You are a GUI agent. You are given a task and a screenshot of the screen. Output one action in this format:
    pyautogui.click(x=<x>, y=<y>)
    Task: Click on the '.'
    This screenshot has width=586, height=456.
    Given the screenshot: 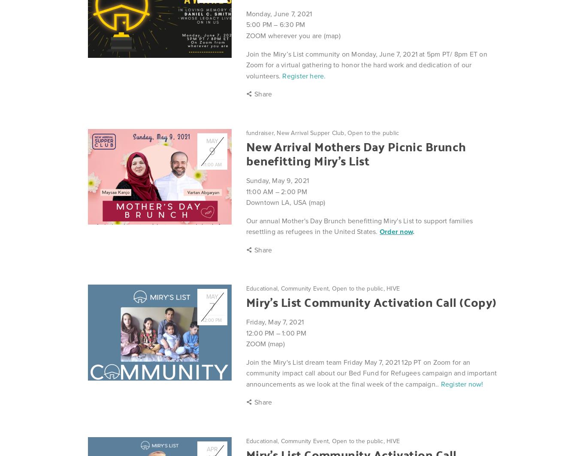 What is the action you would take?
    pyautogui.click(x=412, y=231)
    